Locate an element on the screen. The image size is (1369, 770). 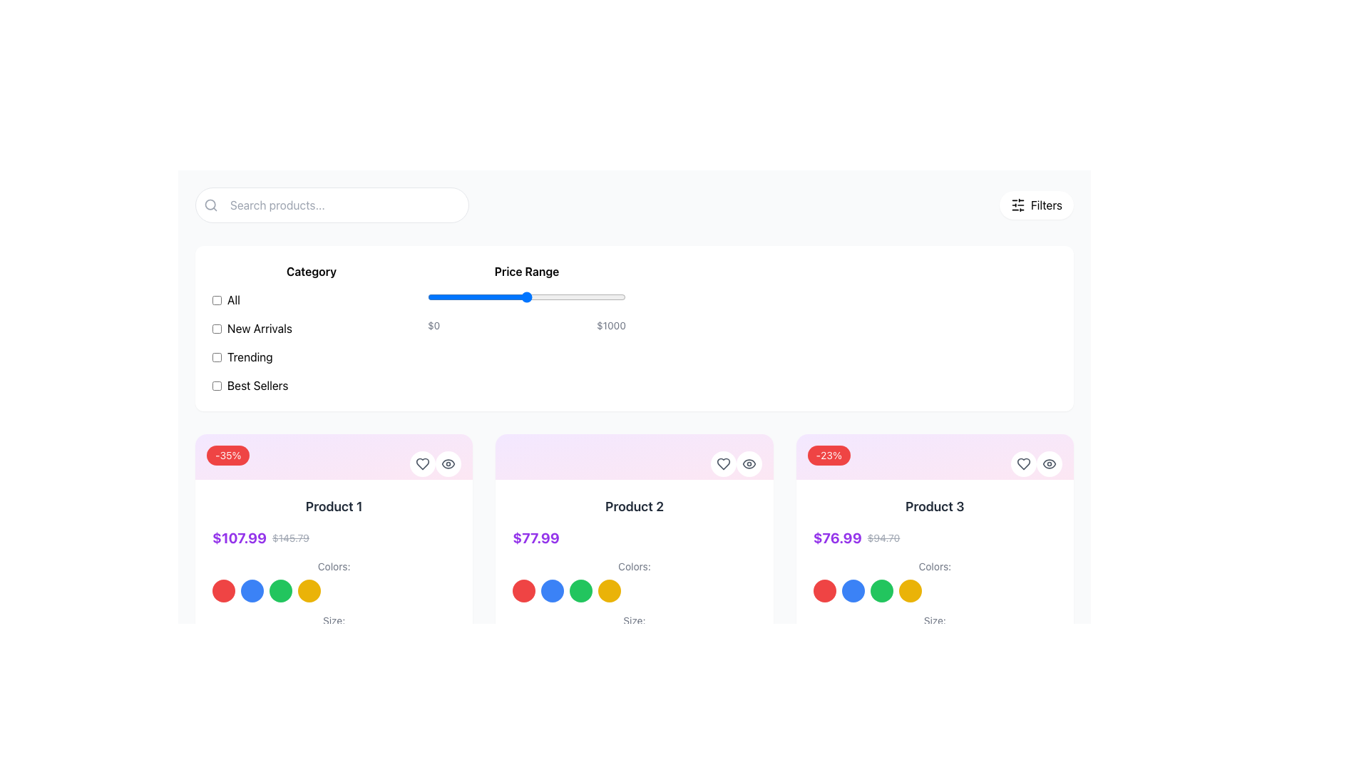
the third green circular radio button in the 'Colors' section of the card for 'Product 2' is located at coordinates (581, 591).